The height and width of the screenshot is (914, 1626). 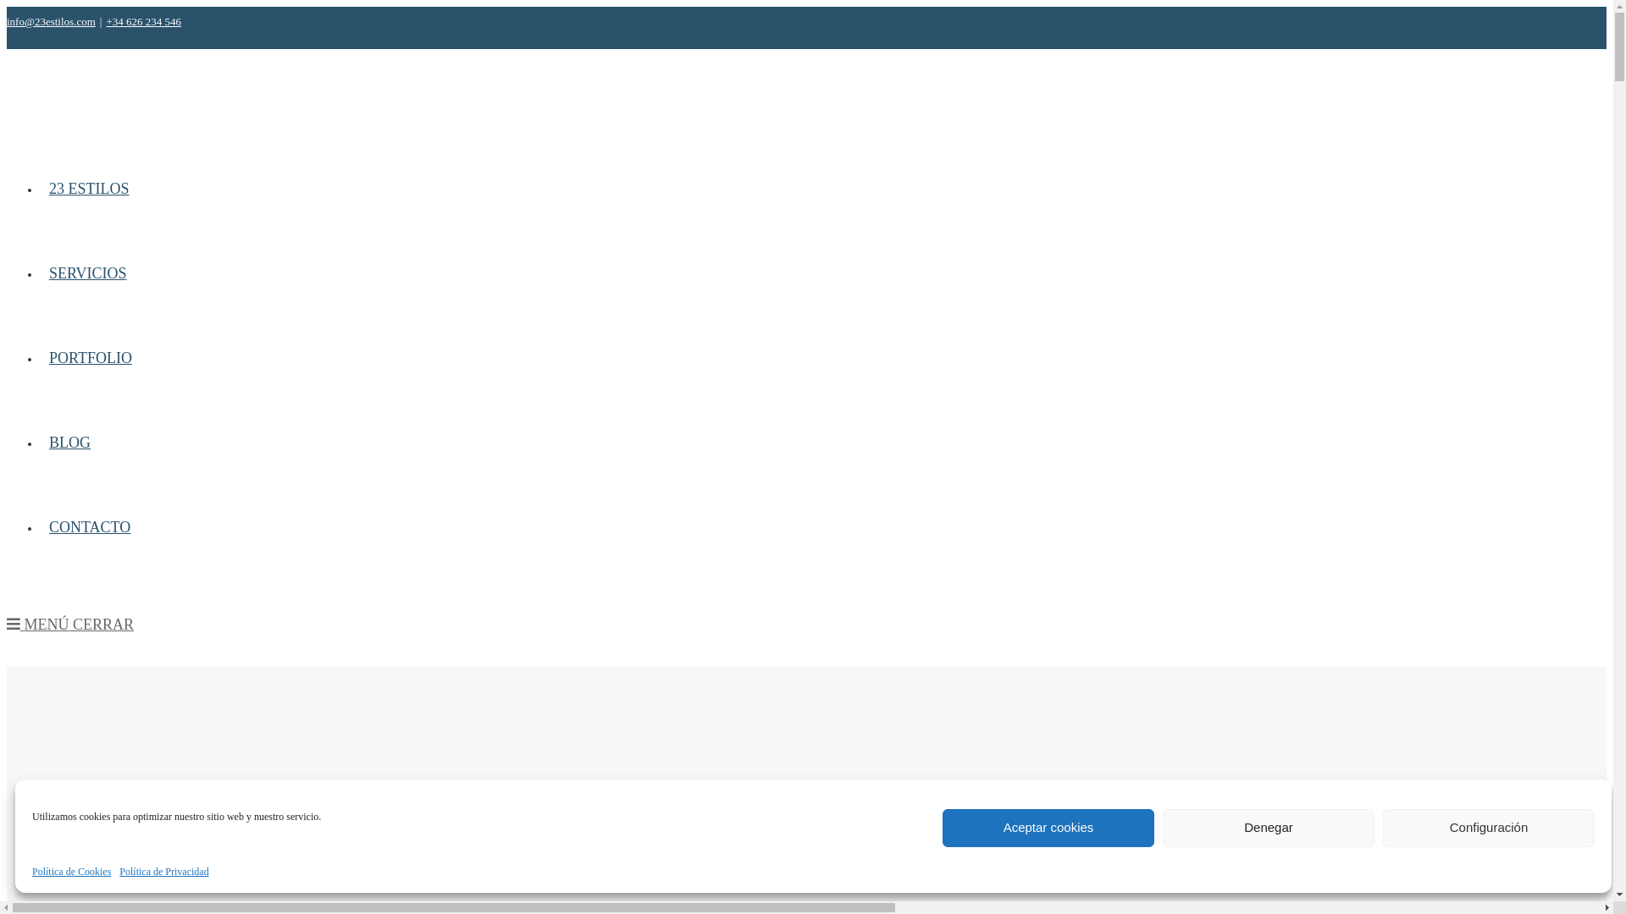 What do you see at coordinates (88, 188) in the screenshot?
I see `'23 ESTILOS'` at bounding box center [88, 188].